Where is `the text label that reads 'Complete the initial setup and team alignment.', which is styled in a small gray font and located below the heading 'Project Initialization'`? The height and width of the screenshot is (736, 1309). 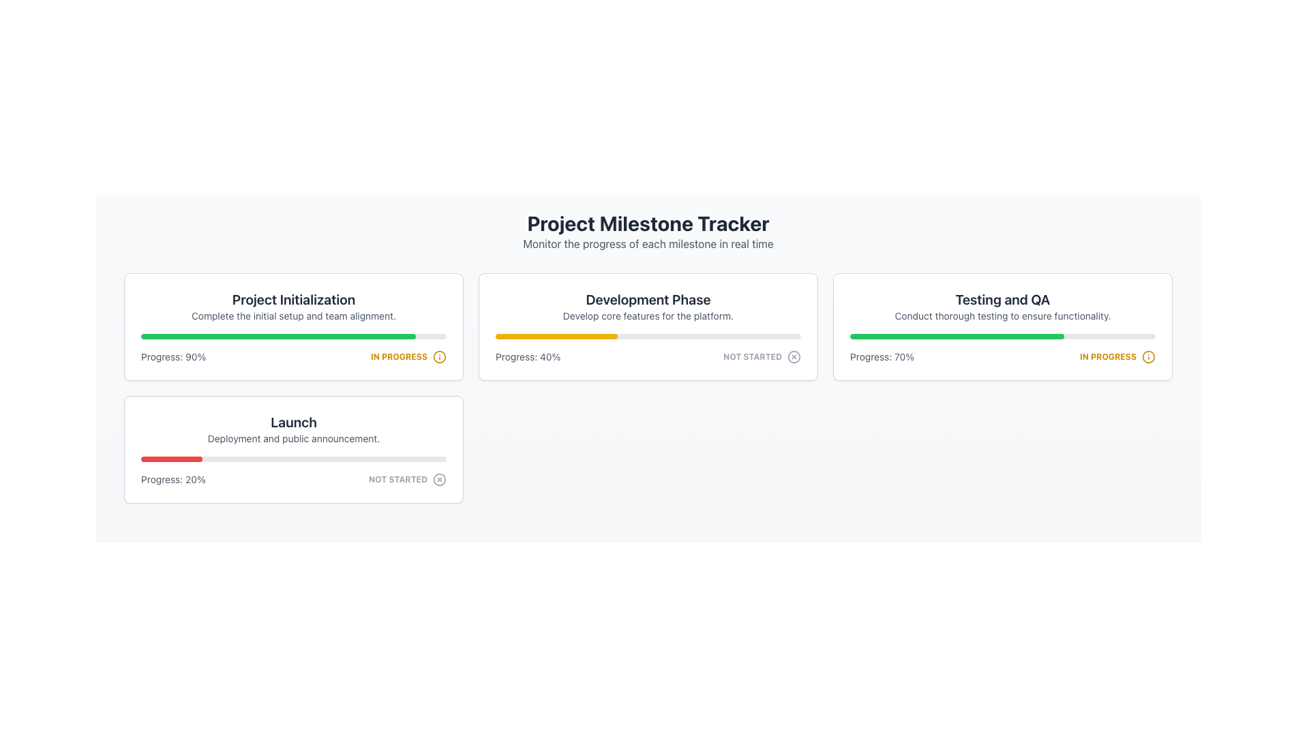
the text label that reads 'Complete the initial setup and team alignment.', which is styled in a small gray font and located below the heading 'Project Initialization' is located at coordinates (293, 316).